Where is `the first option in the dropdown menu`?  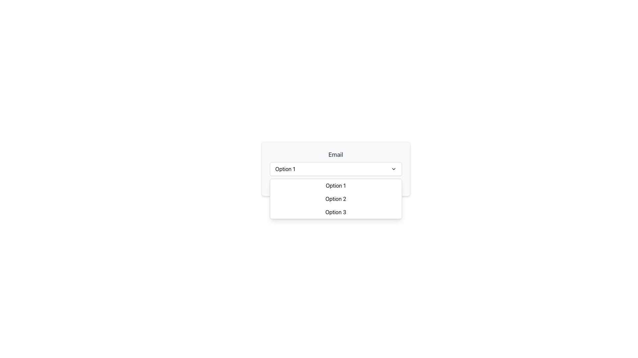
the first option in the dropdown menu is located at coordinates (336, 185).